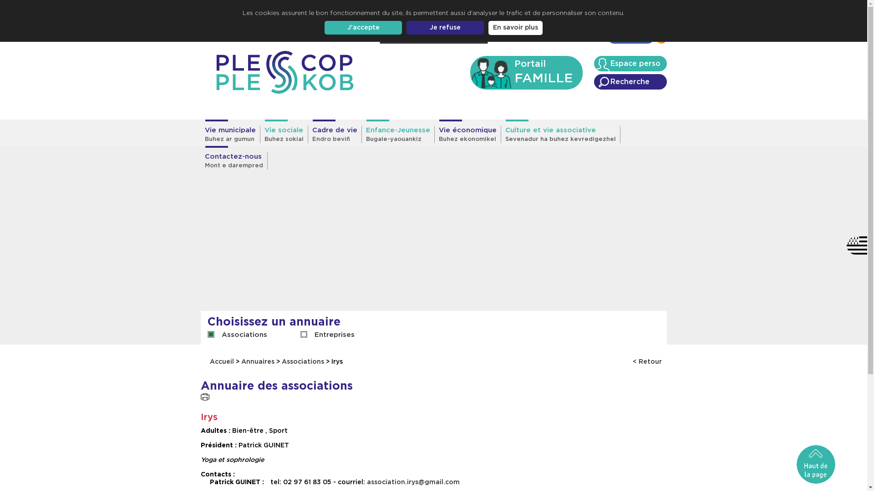 Image resolution: width=874 pixels, height=491 pixels. Describe the element at coordinates (655, 40) in the screenshot. I see `'Facebook Maire de Plescop'` at that location.